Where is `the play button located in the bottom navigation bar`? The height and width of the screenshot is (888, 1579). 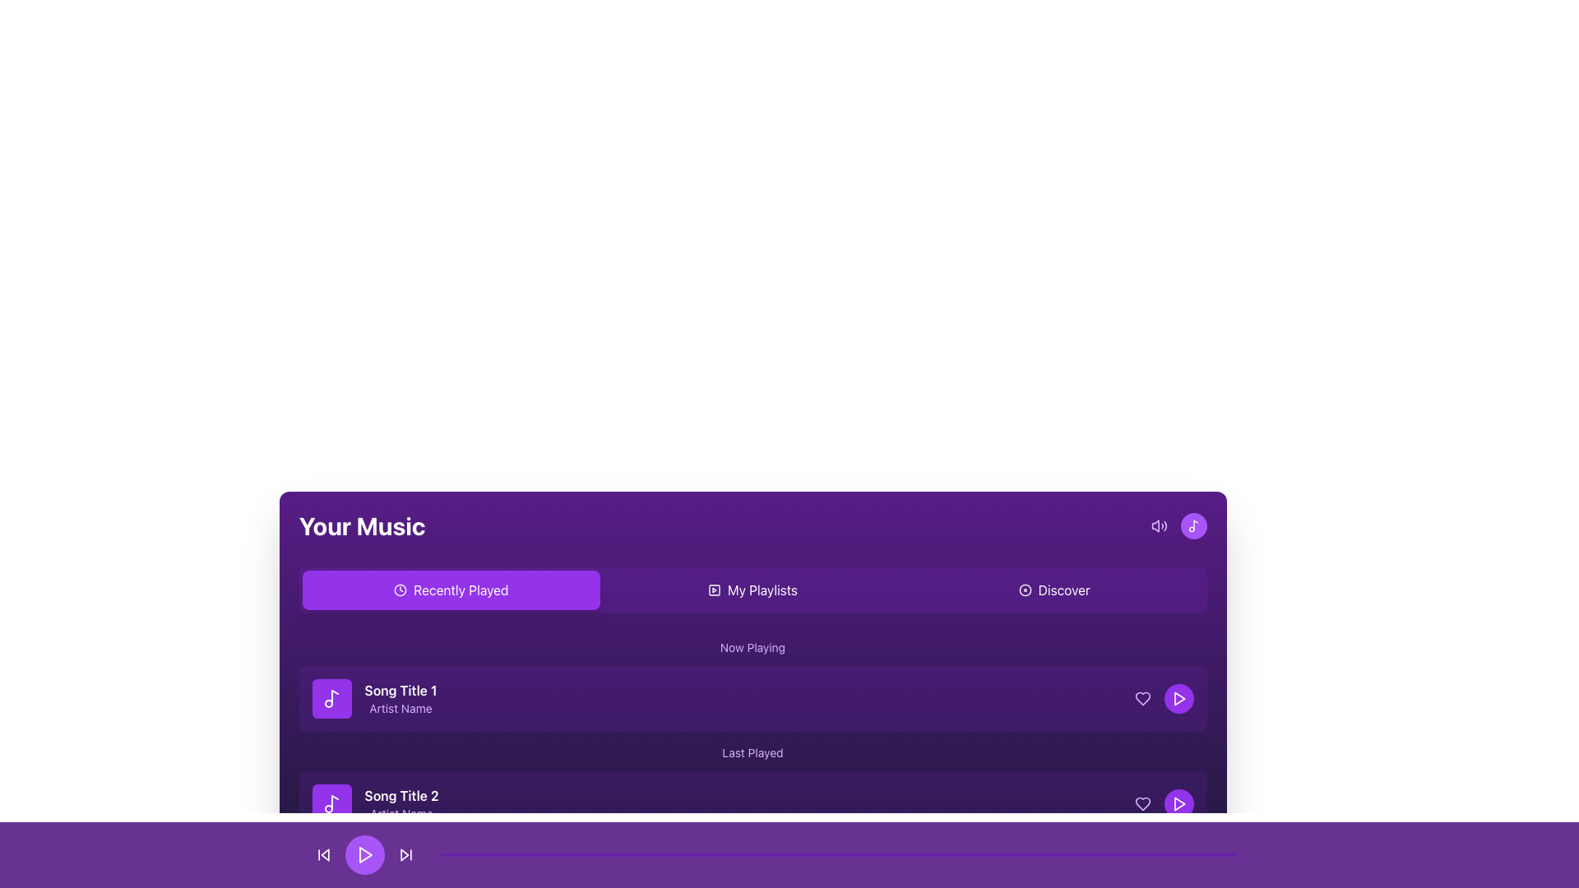
the play button located in the bottom navigation bar is located at coordinates (364, 854).